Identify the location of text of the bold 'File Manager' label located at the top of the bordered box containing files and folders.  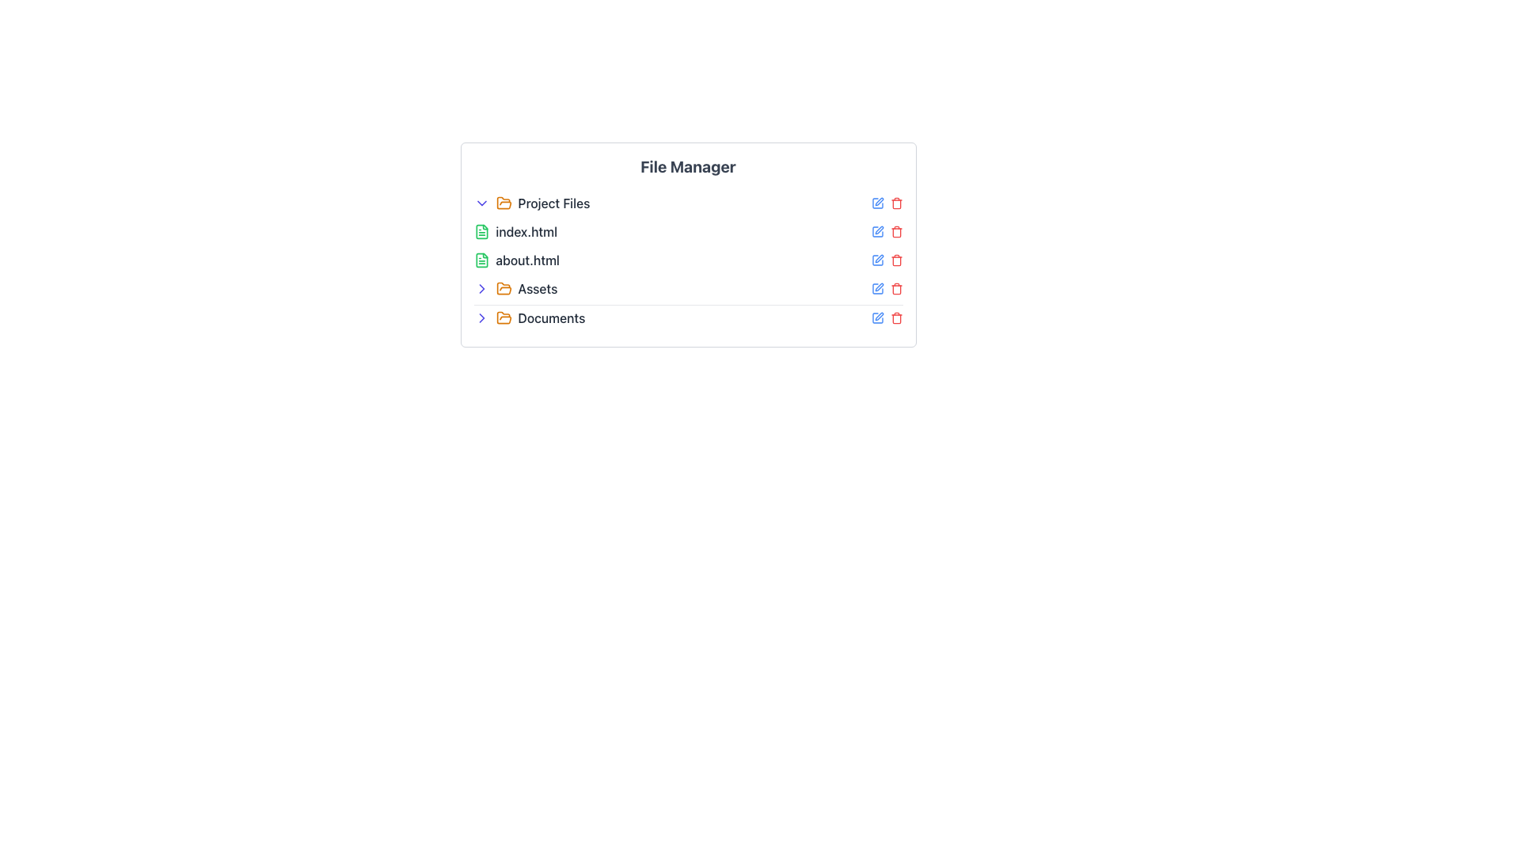
(688, 167).